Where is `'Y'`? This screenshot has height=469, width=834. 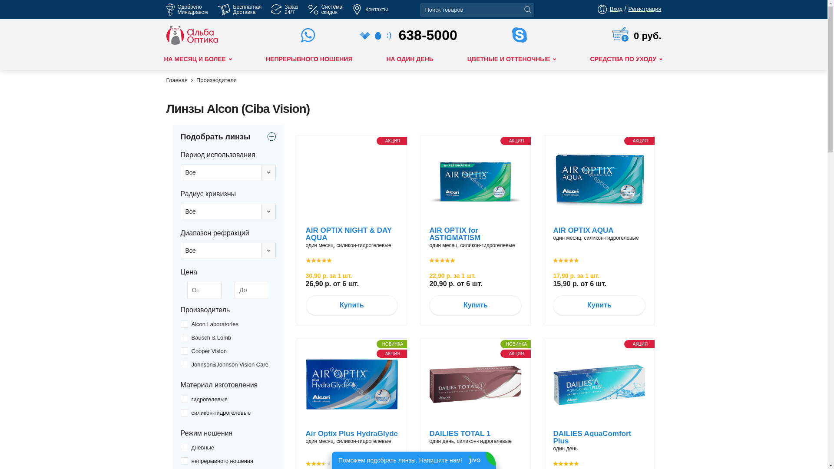 'Y' is located at coordinates (183, 447).